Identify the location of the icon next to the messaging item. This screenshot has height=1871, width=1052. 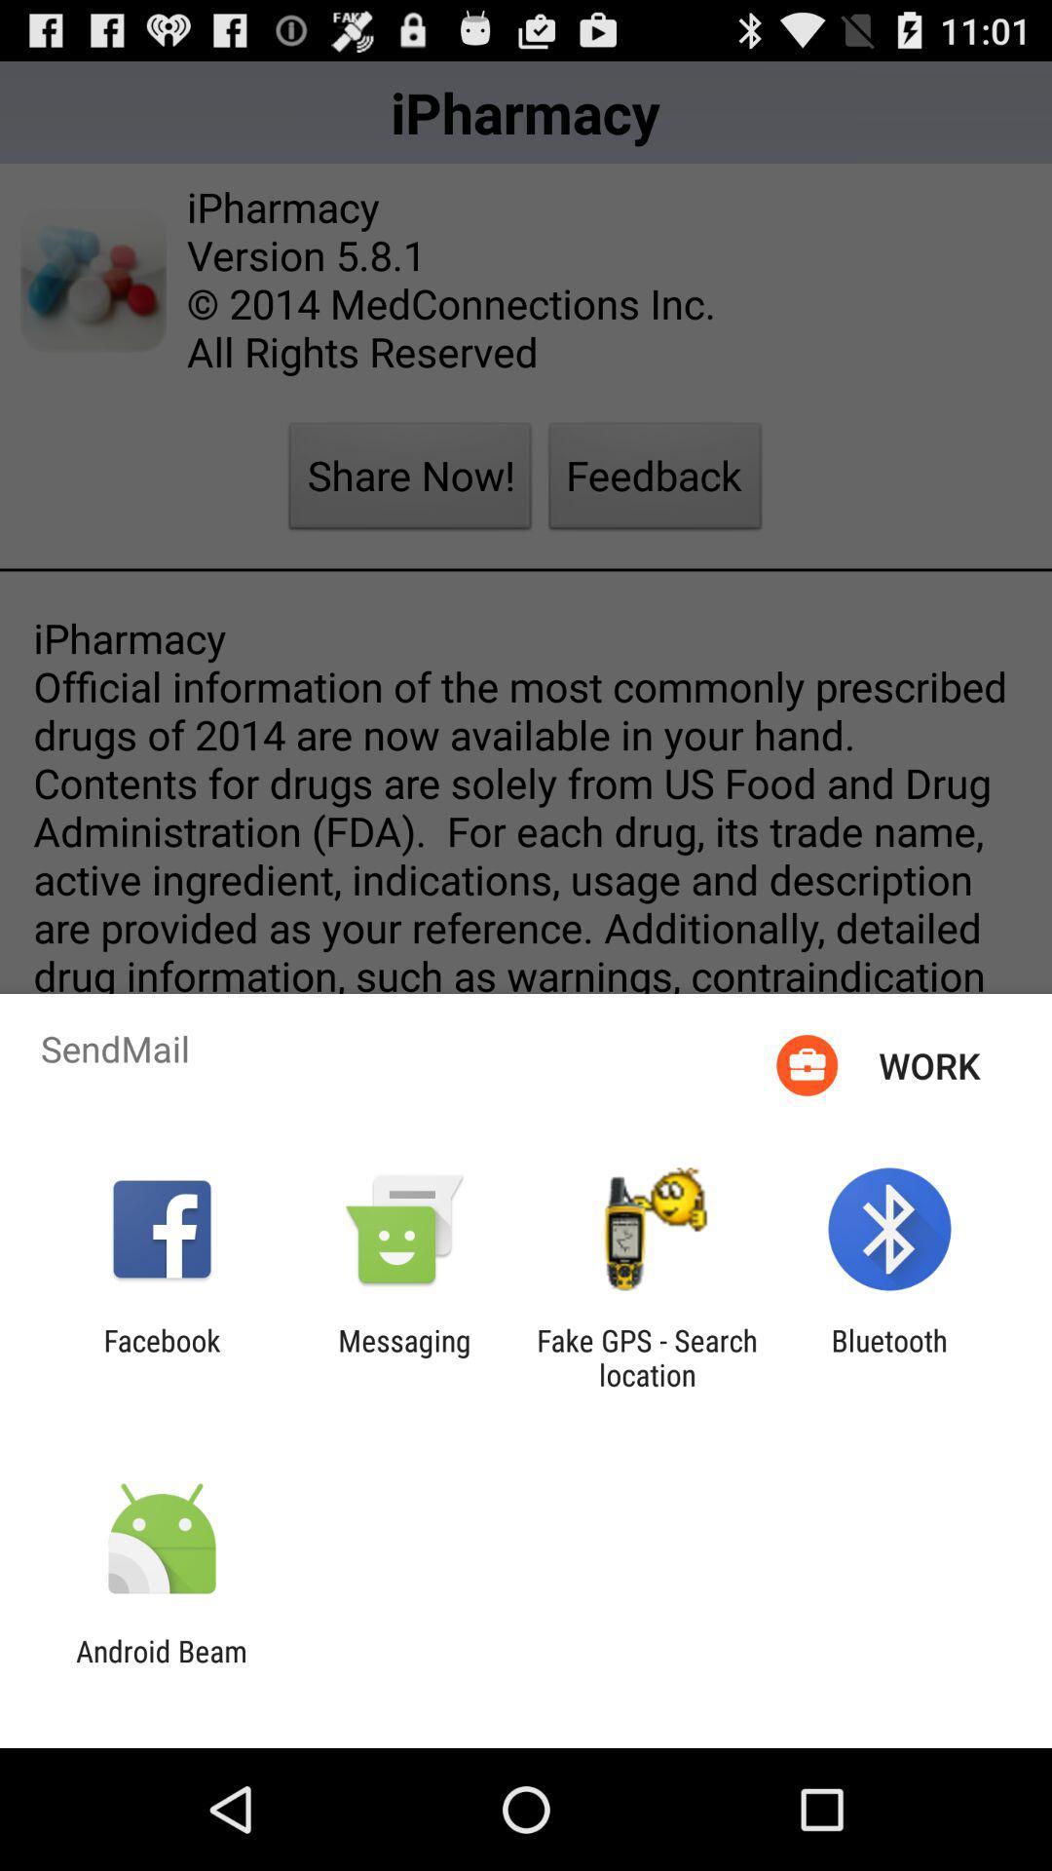
(647, 1356).